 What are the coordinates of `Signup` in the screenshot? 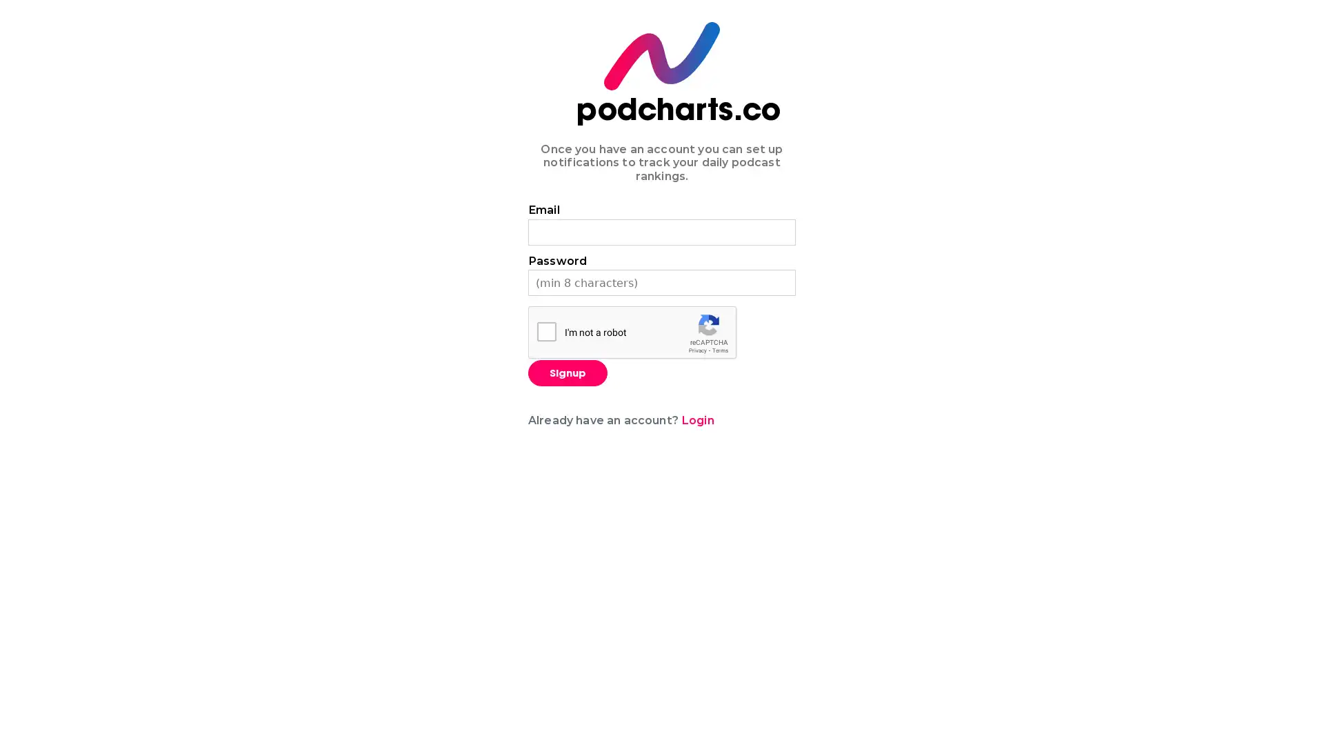 It's located at (568, 372).